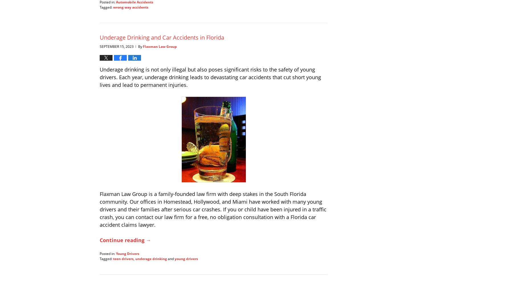 The width and height of the screenshot is (527, 284). What do you see at coordinates (151, 258) in the screenshot?
I see `'underage drinking'` at bounding box center [151, 258].